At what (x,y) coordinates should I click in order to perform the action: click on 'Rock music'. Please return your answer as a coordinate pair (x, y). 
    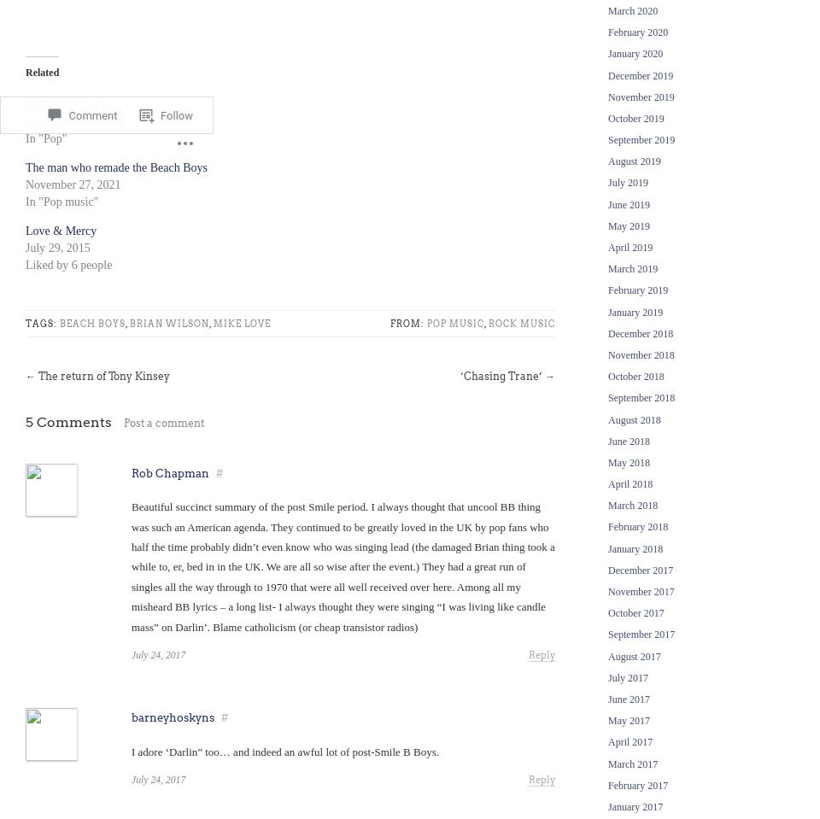
    Looking at the image, I should click on (521, 323).